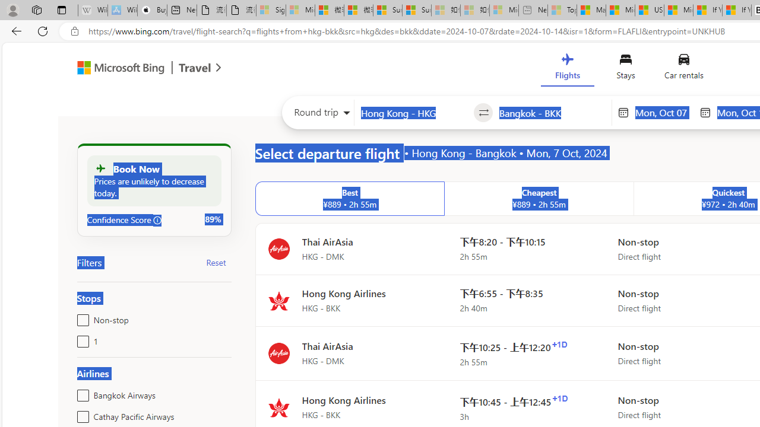  What do you see at coordinates (552, 113) in the screenshot?
I see `'Going to?'` at bounding box center [552, 113].